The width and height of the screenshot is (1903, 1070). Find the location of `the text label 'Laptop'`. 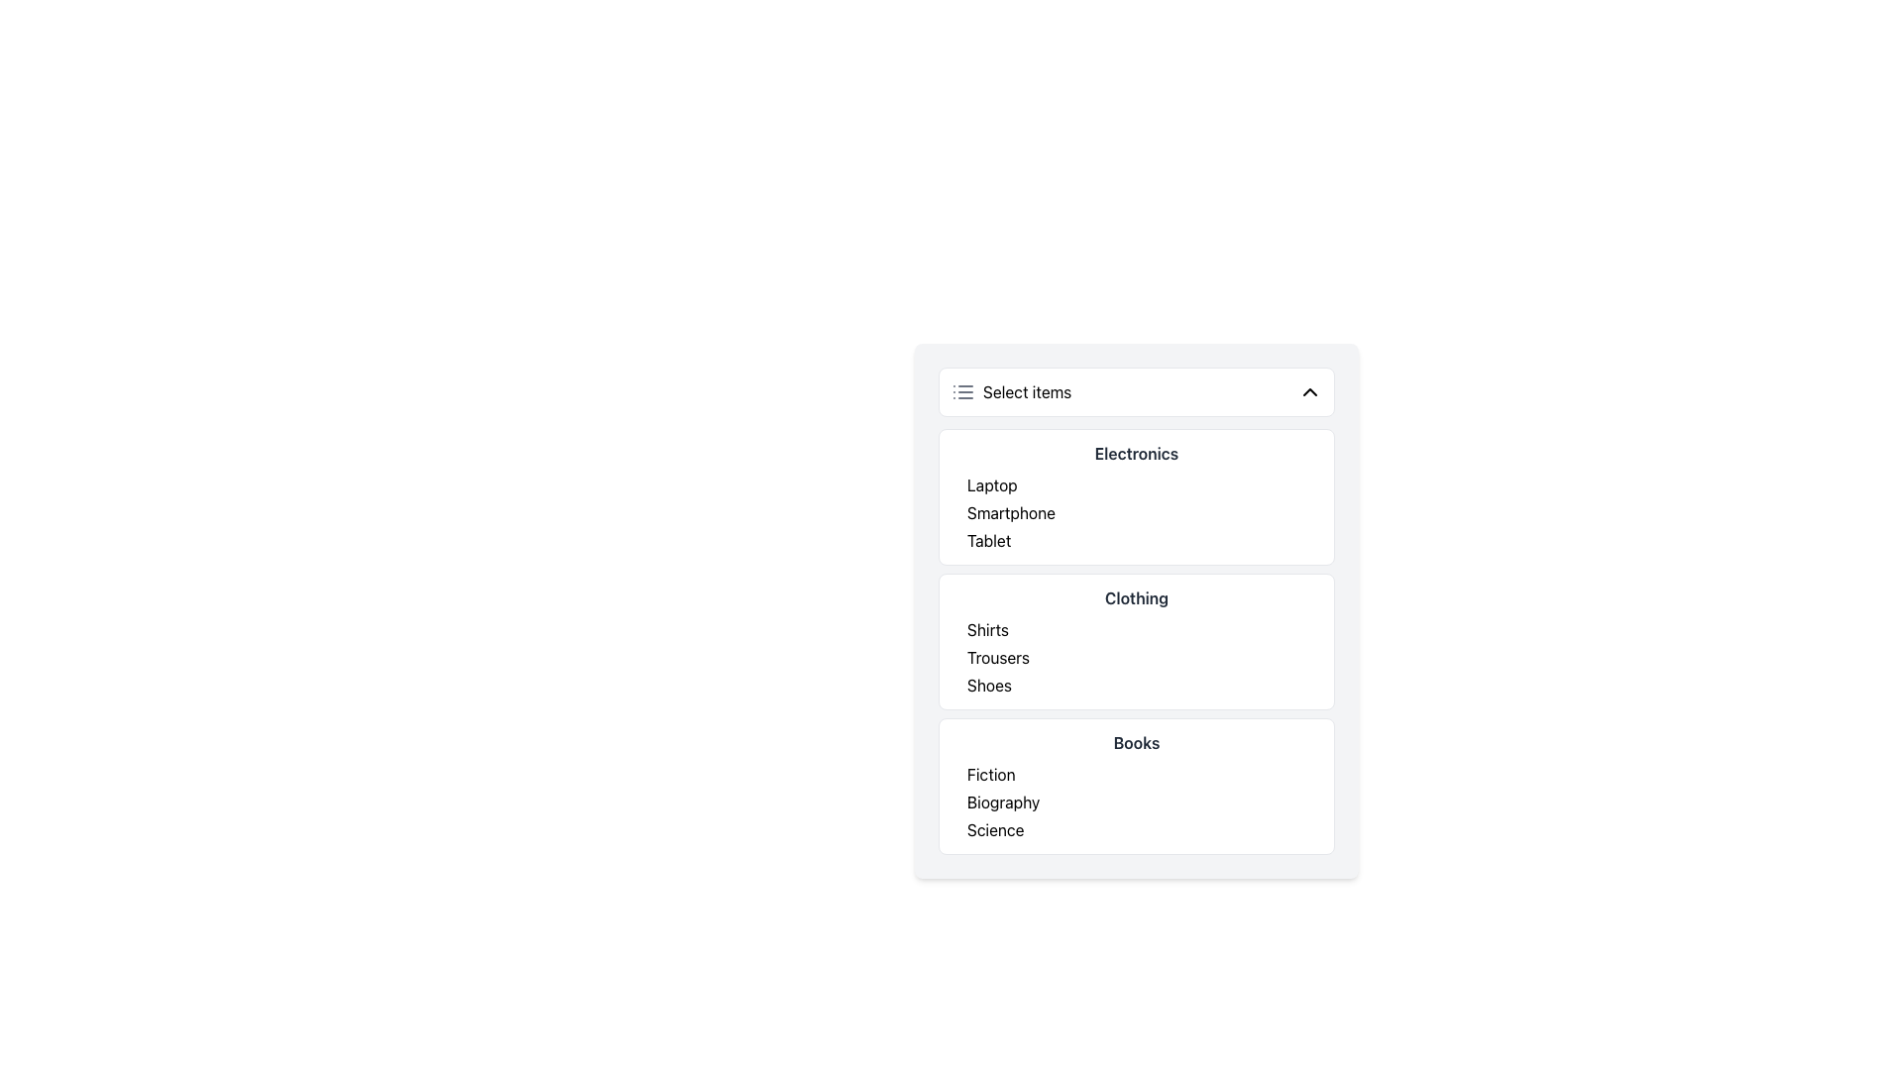

the text label 'Laptop' is located at coordinates (992, 484).